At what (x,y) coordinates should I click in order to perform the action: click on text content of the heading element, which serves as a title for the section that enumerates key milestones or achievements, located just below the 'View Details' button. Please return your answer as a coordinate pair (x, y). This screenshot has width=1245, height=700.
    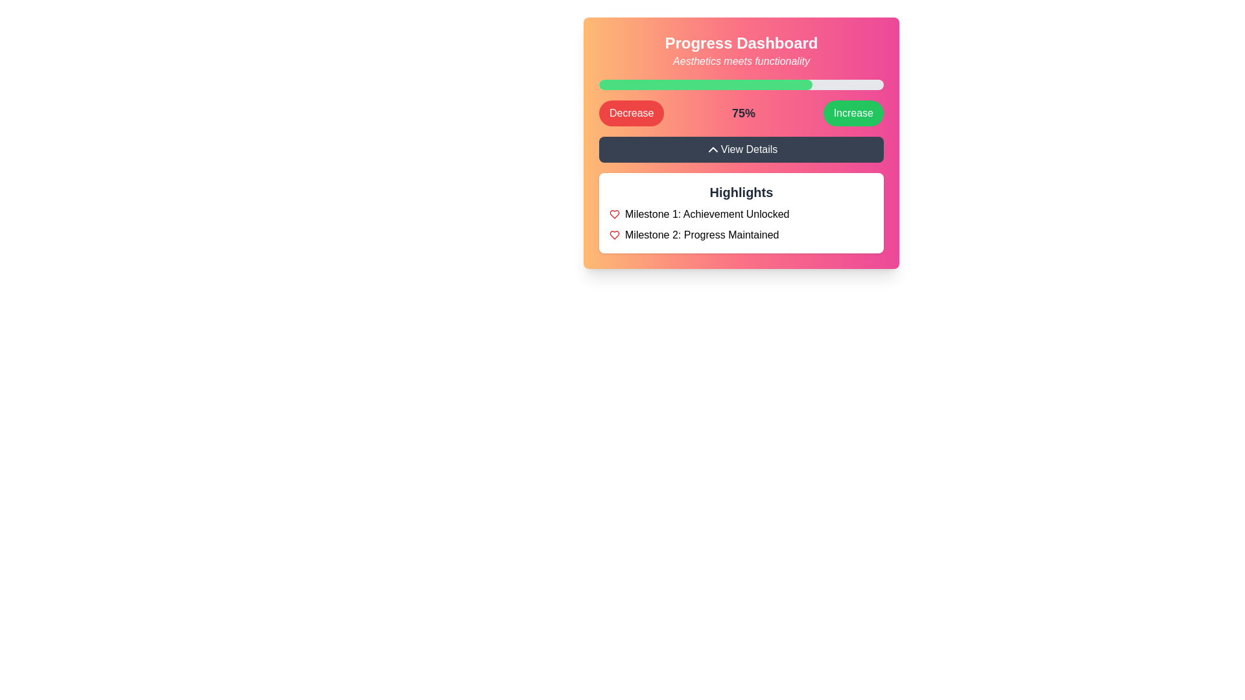
    Looking at the image, I should click on (741, 192).